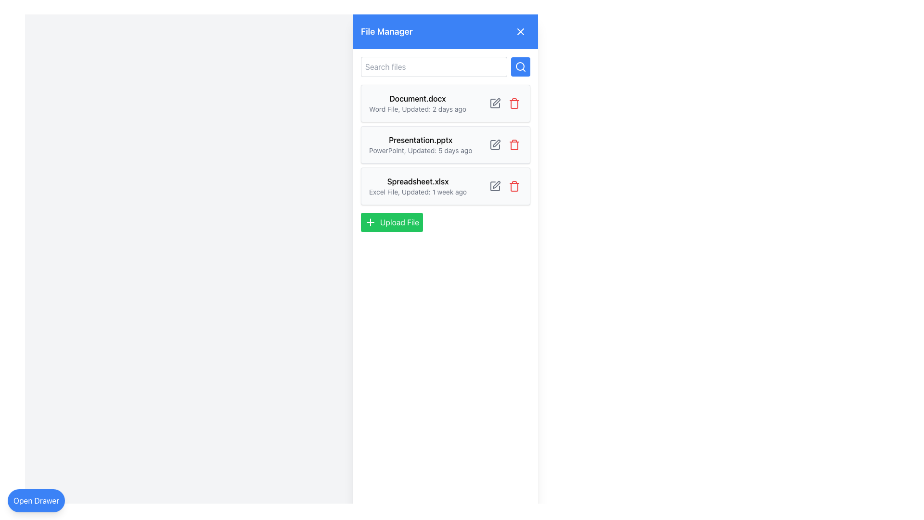  I want to click on the text label displaying the file name 'Spreadsheet.xlsx', so click(418, 182).